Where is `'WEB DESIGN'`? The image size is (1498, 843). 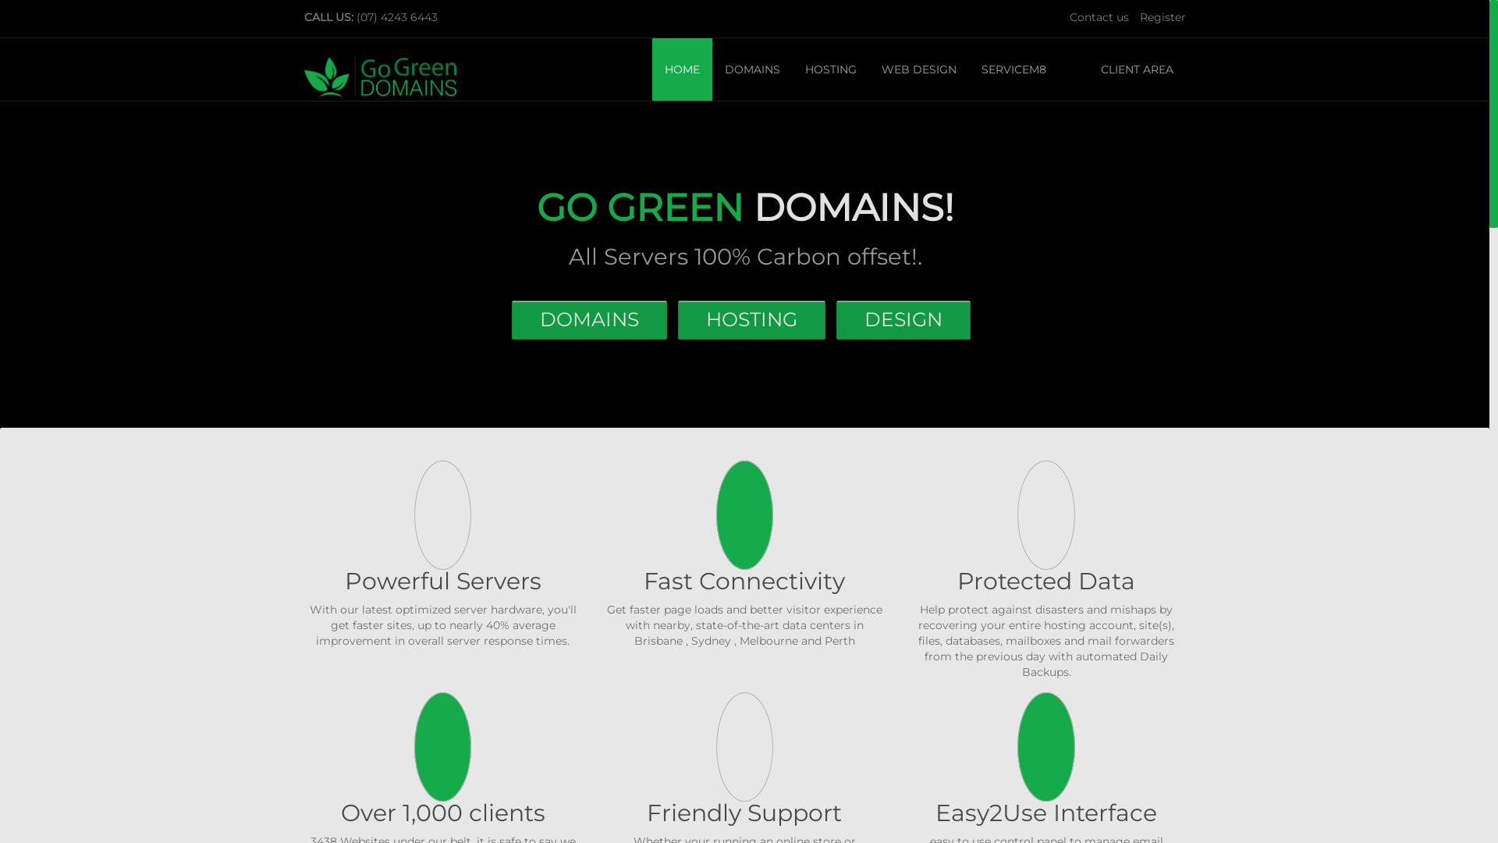
'WEB DESIGN' is located at coordinates (918, 68).